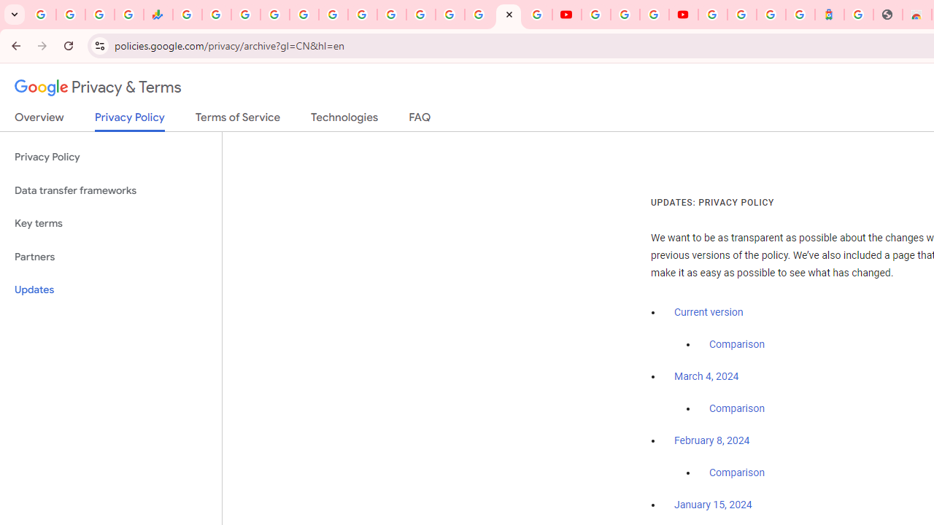 This screenshot has width=934, height=525. I want to click on 'Atour Hotel - Google hotels', so click(830, 15).